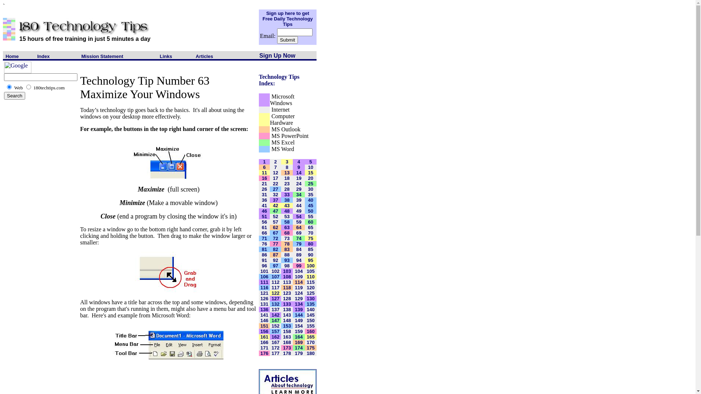  Describe the element at coordinates (264, 304) in the screenshot. I see `'131'` at that location.